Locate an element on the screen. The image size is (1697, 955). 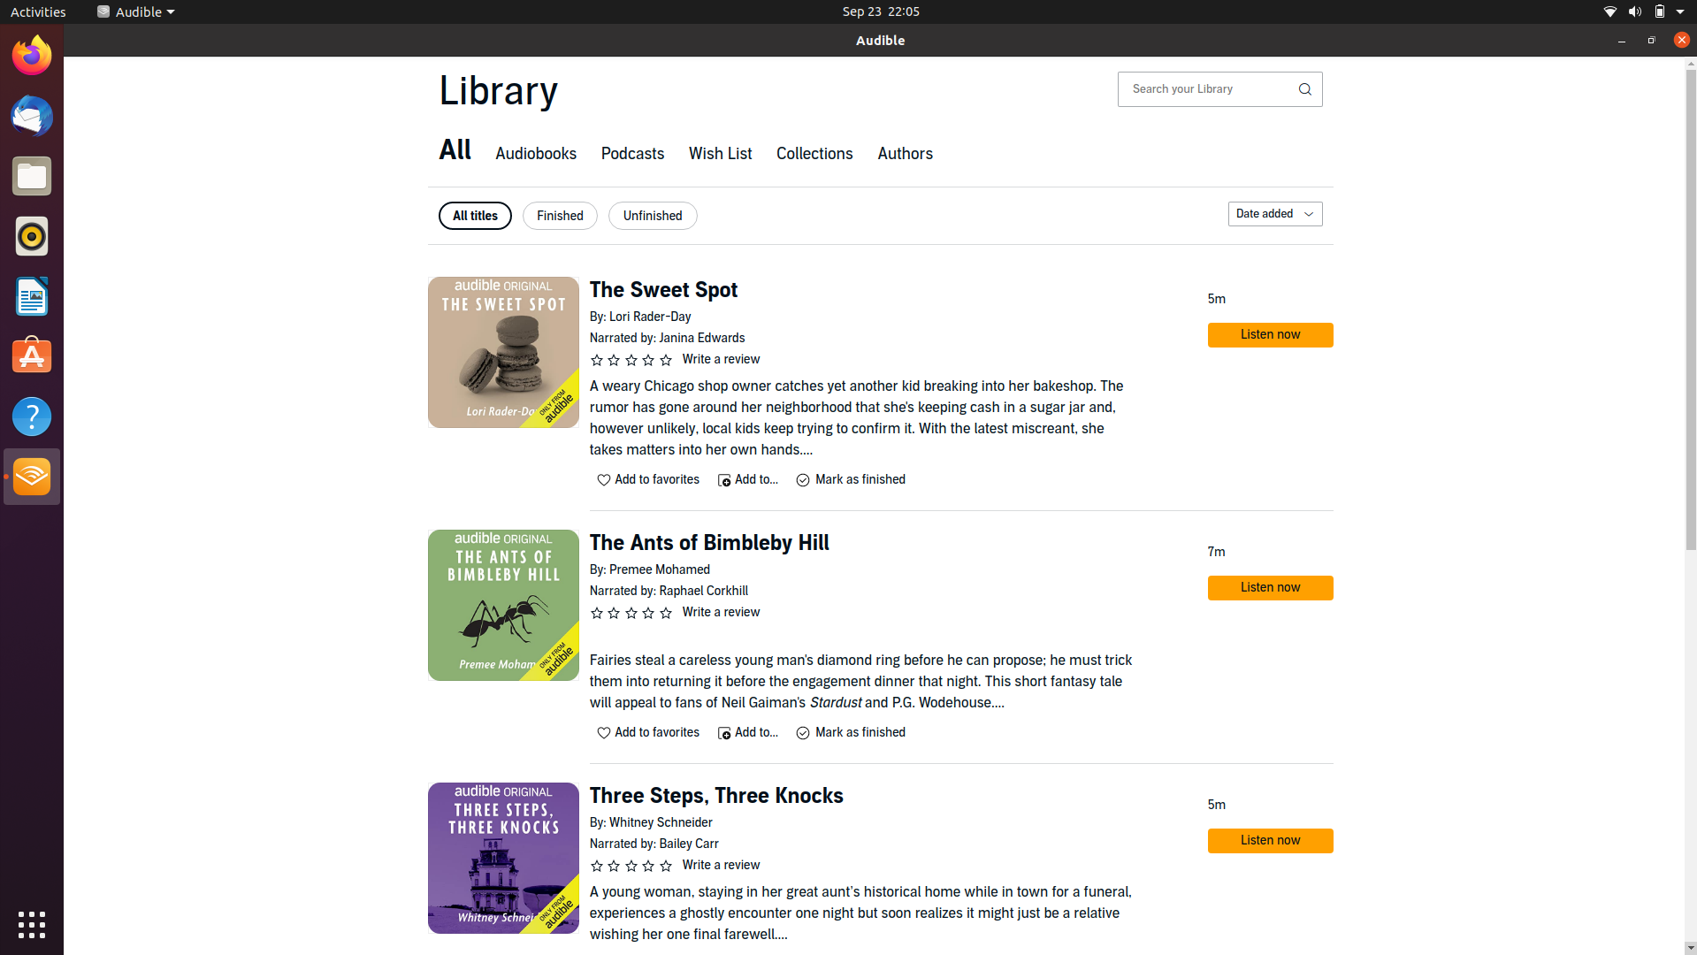
Start Ubuntu application store is located at coordinates (33, 355).